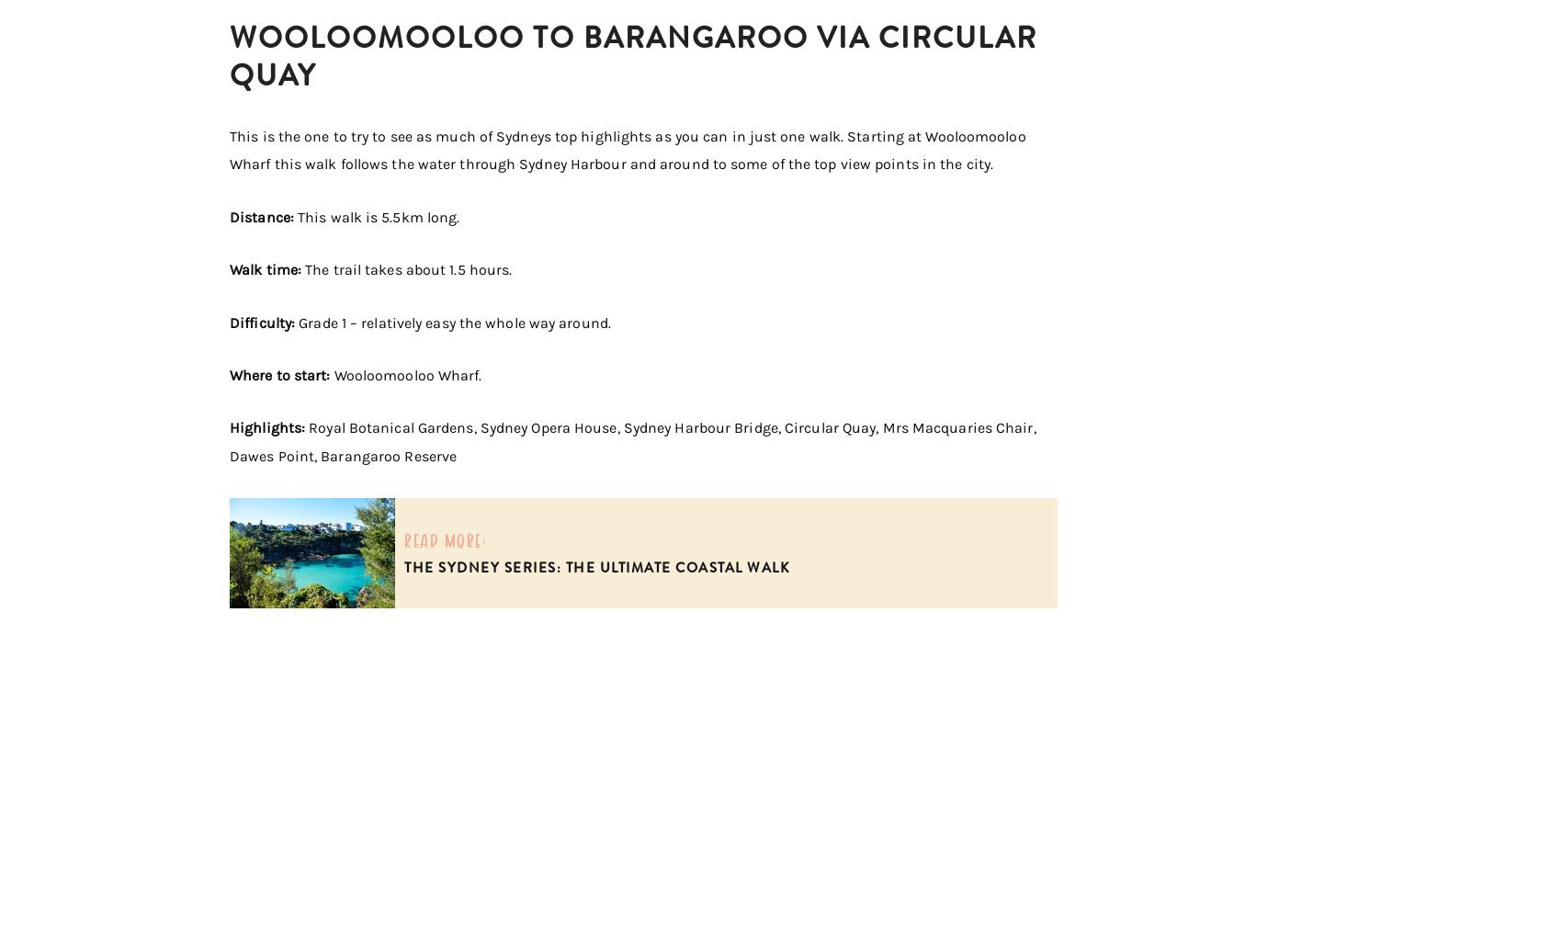 The image size is (1562, 952). What do you see at coordinates (269, 427) in the screenshot?
I see `'Highlights:'` at bounding box center [269, 427].